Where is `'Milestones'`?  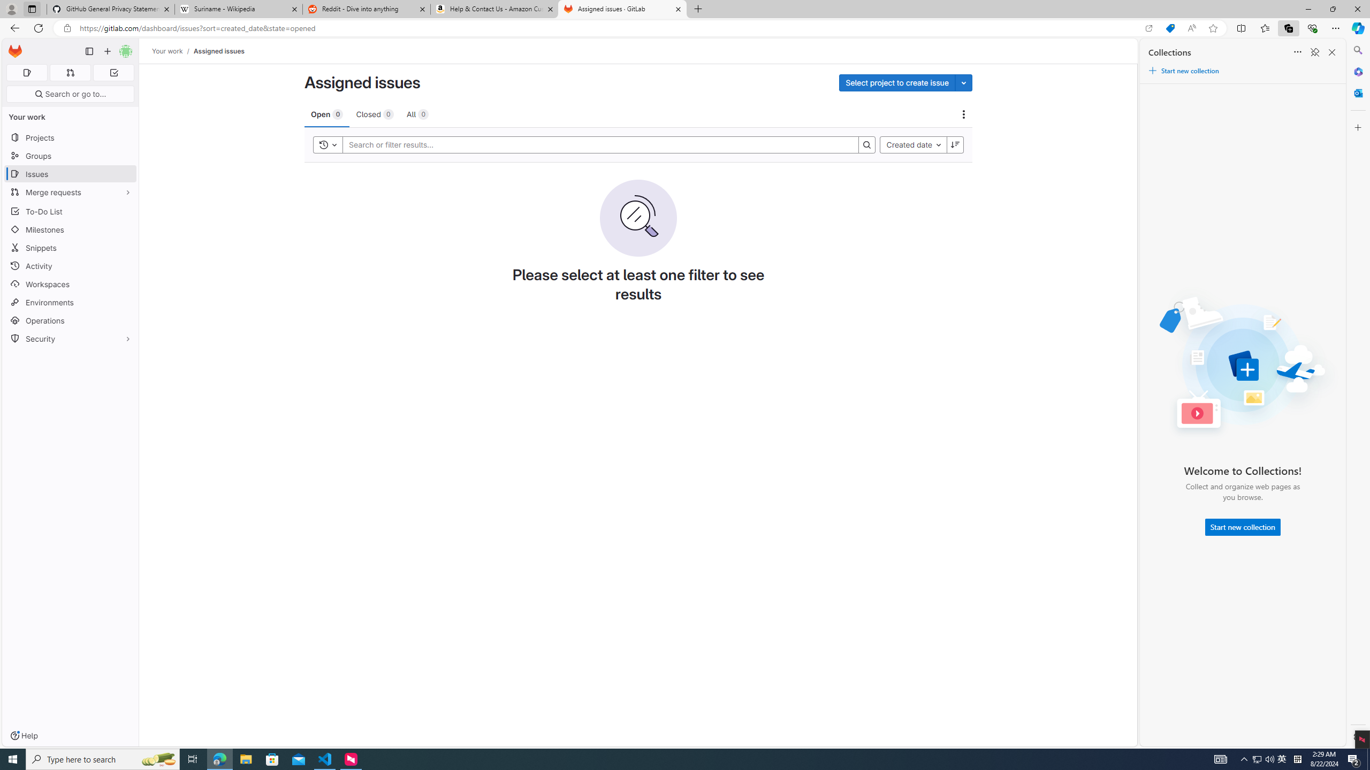 'Milestones' is located at coordinates (70, 229).